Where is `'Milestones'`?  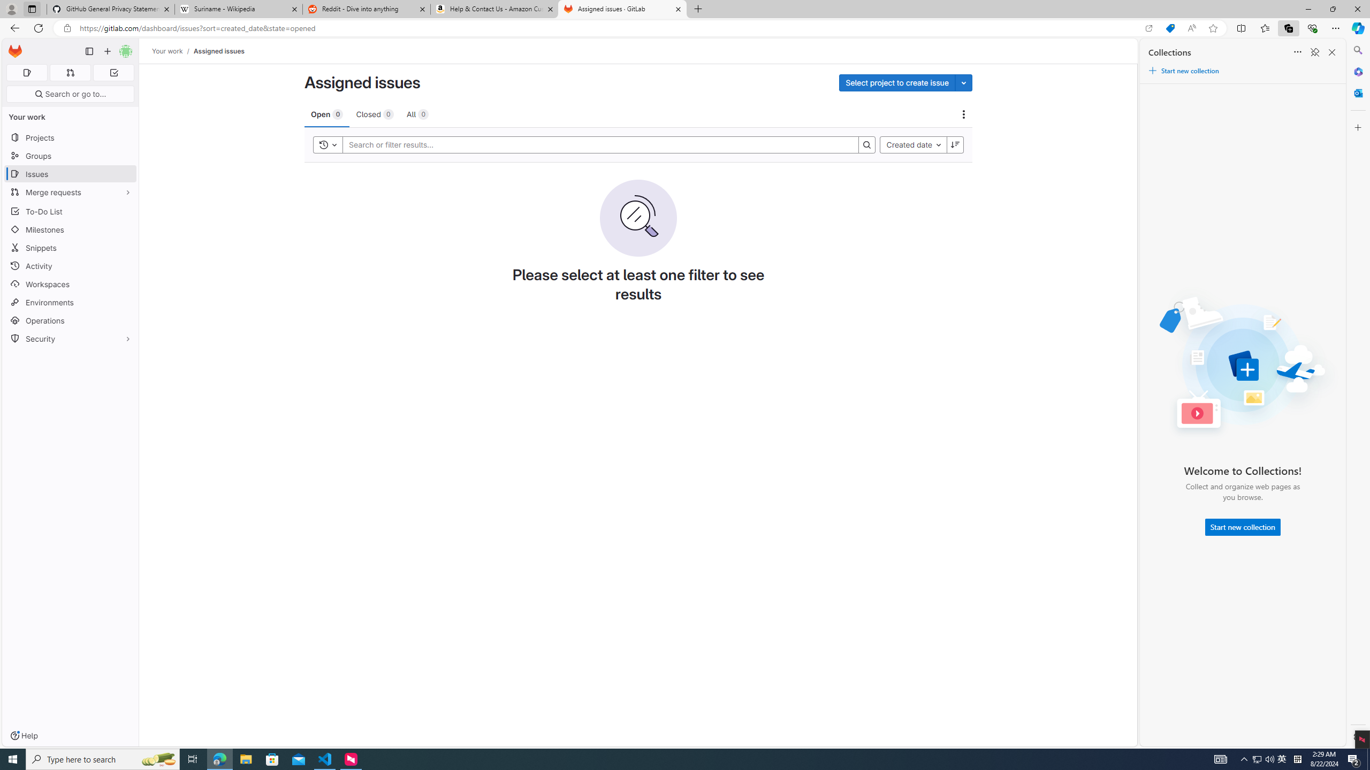 'Milestones' is located at coordinates (70, 229).